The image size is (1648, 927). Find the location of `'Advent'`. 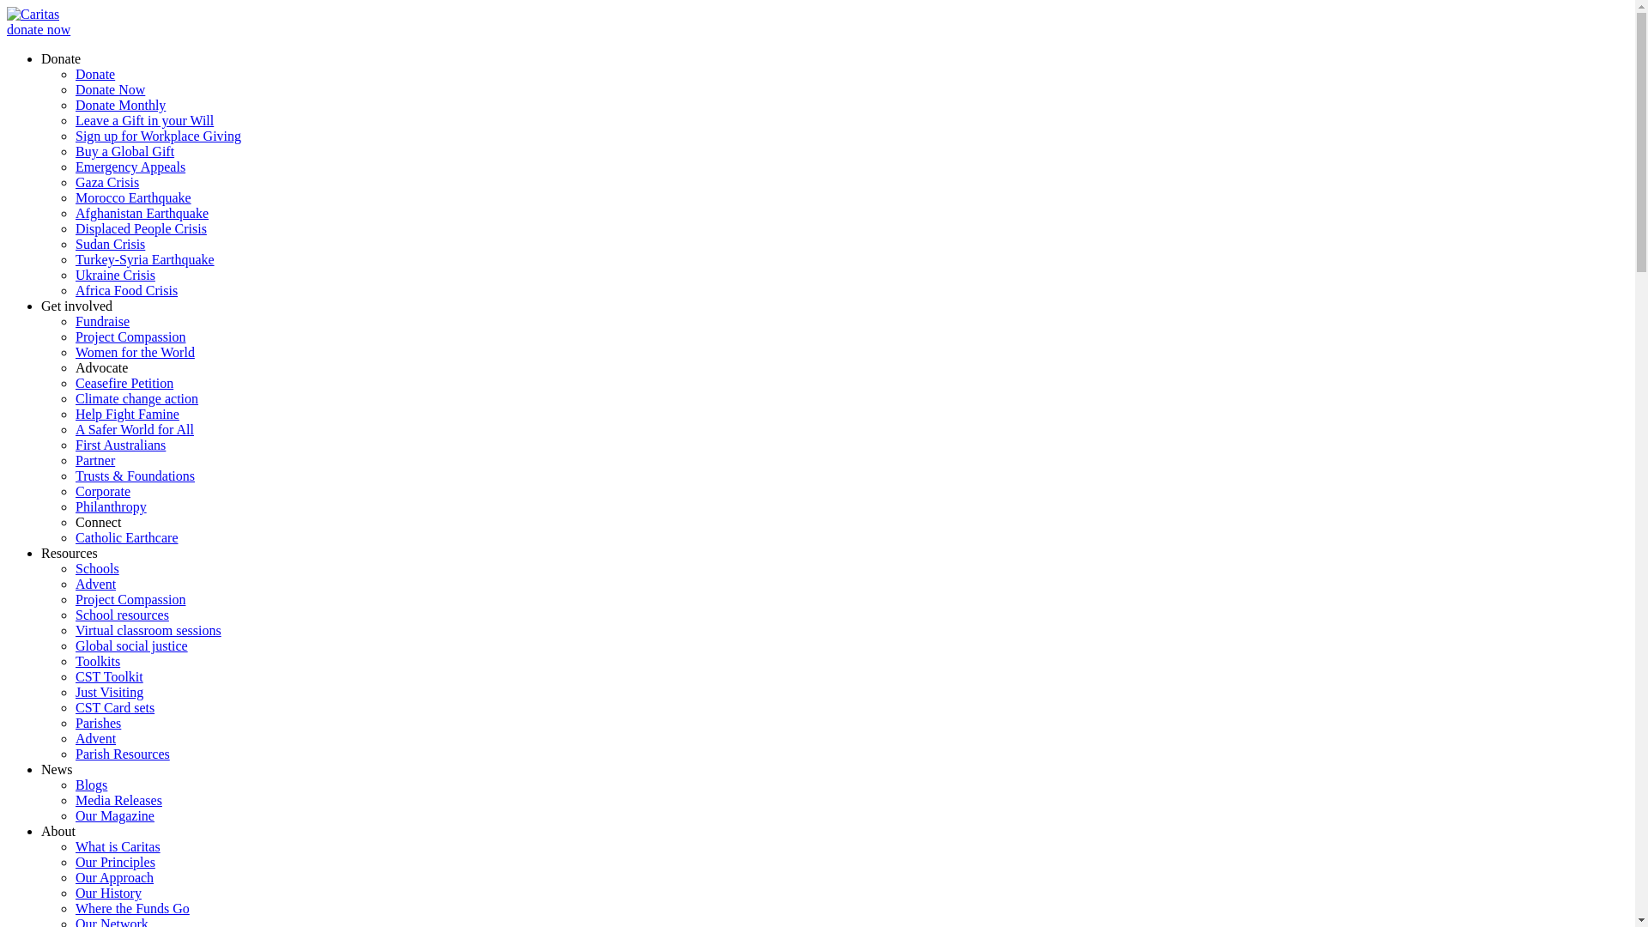

'Advent' is located at coordinates (74, 583).